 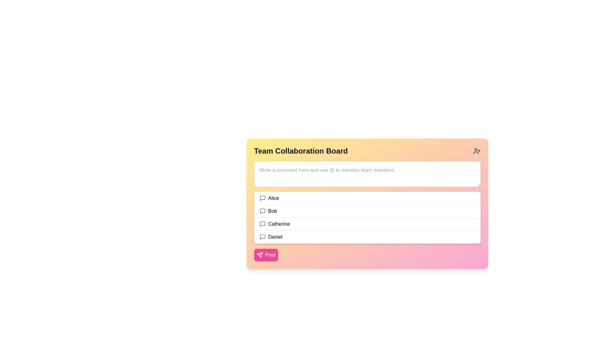 I want to click on the prominent header text reading 'Team Collaboration Board', which is styled in a bold and large font against a lighter gradient background at the top-left section of the card-like layout, so click(x=300, y=151).